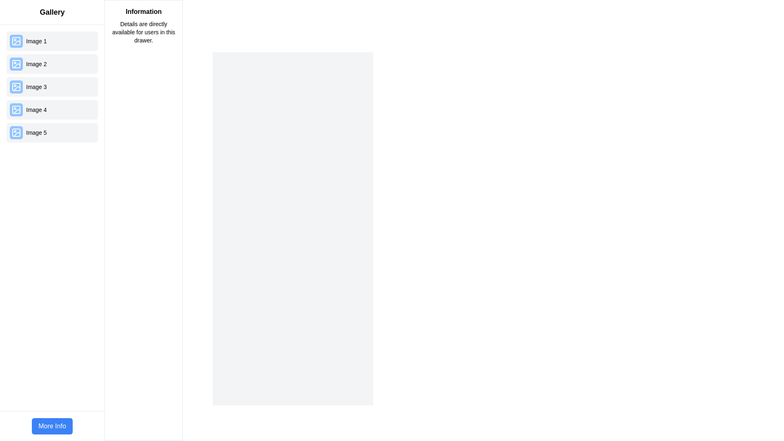 Image resolution: width=784 pixels, height=441 pixels. I want to click on the decorative rectangle within the second item of the vertical list in the 'Gallery' section, which is part of an icon representing an image, so click(16, 64).